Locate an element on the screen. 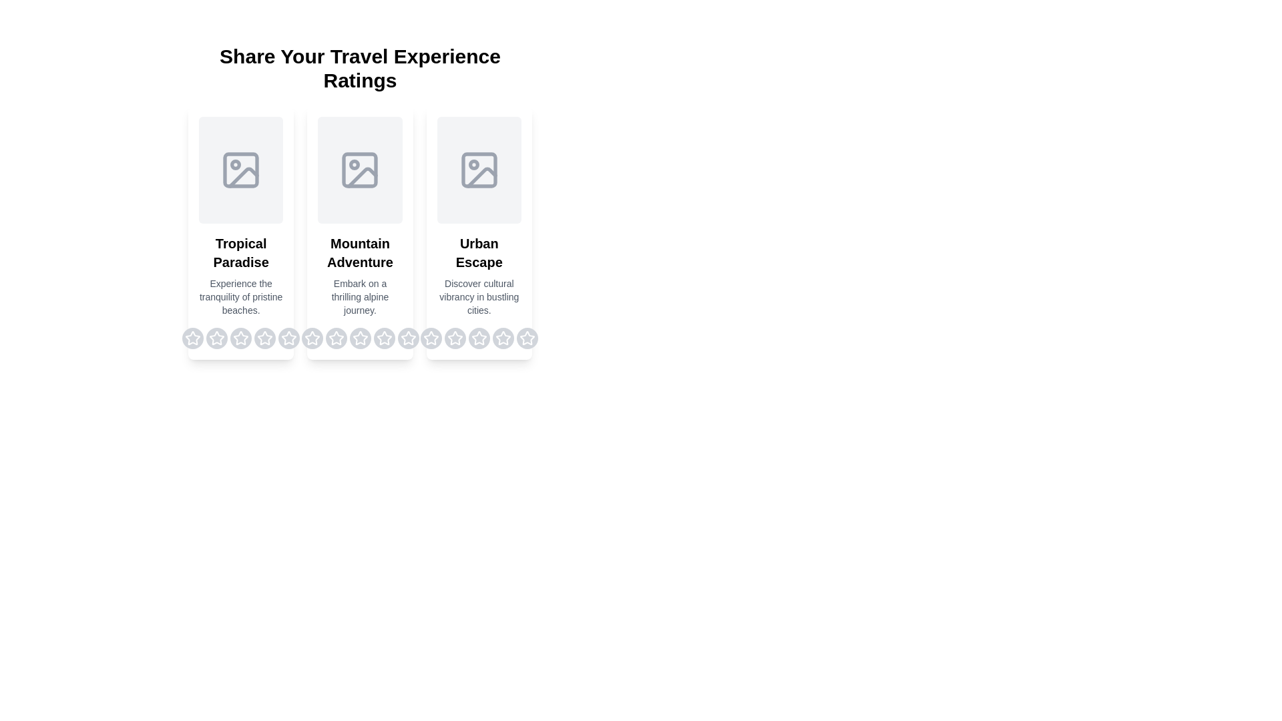  the rating for a destination to 3 stars by clicking on the corresponding star for the destination Tropical Paradise is located at coordinates (241, 337).